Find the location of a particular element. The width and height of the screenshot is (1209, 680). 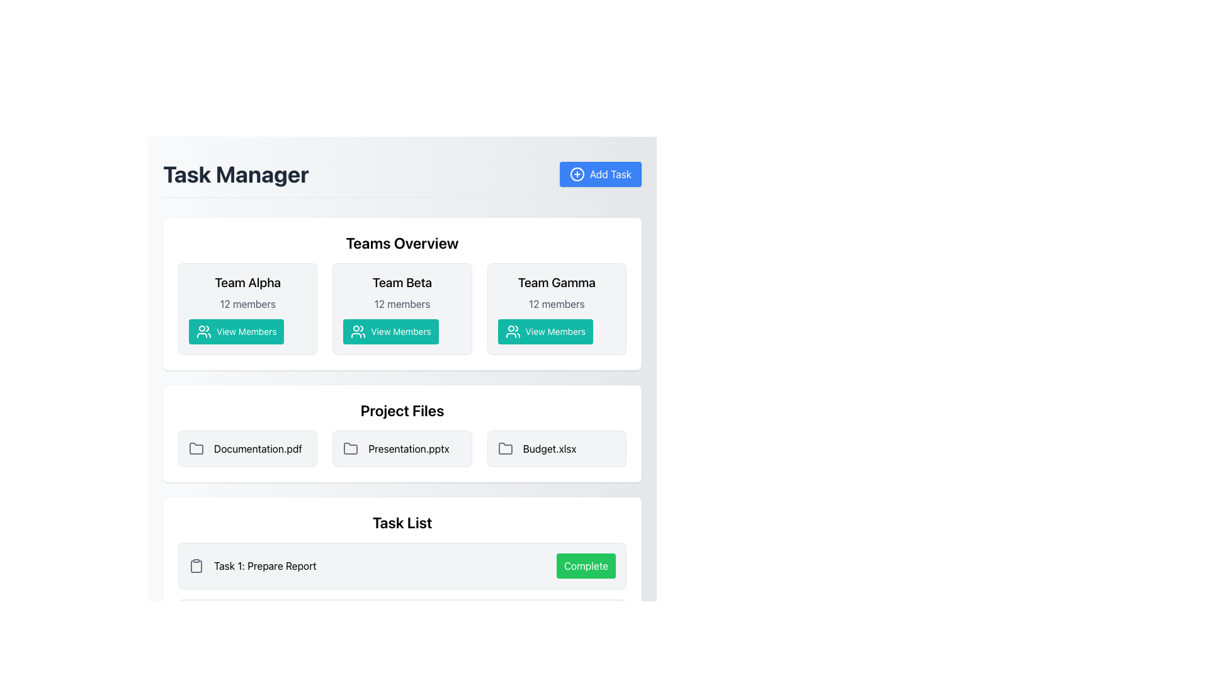

the second file display item labeled 'Presentation.pptx' in the Project Files section to interact with the file is located at coordinates (401, 448).